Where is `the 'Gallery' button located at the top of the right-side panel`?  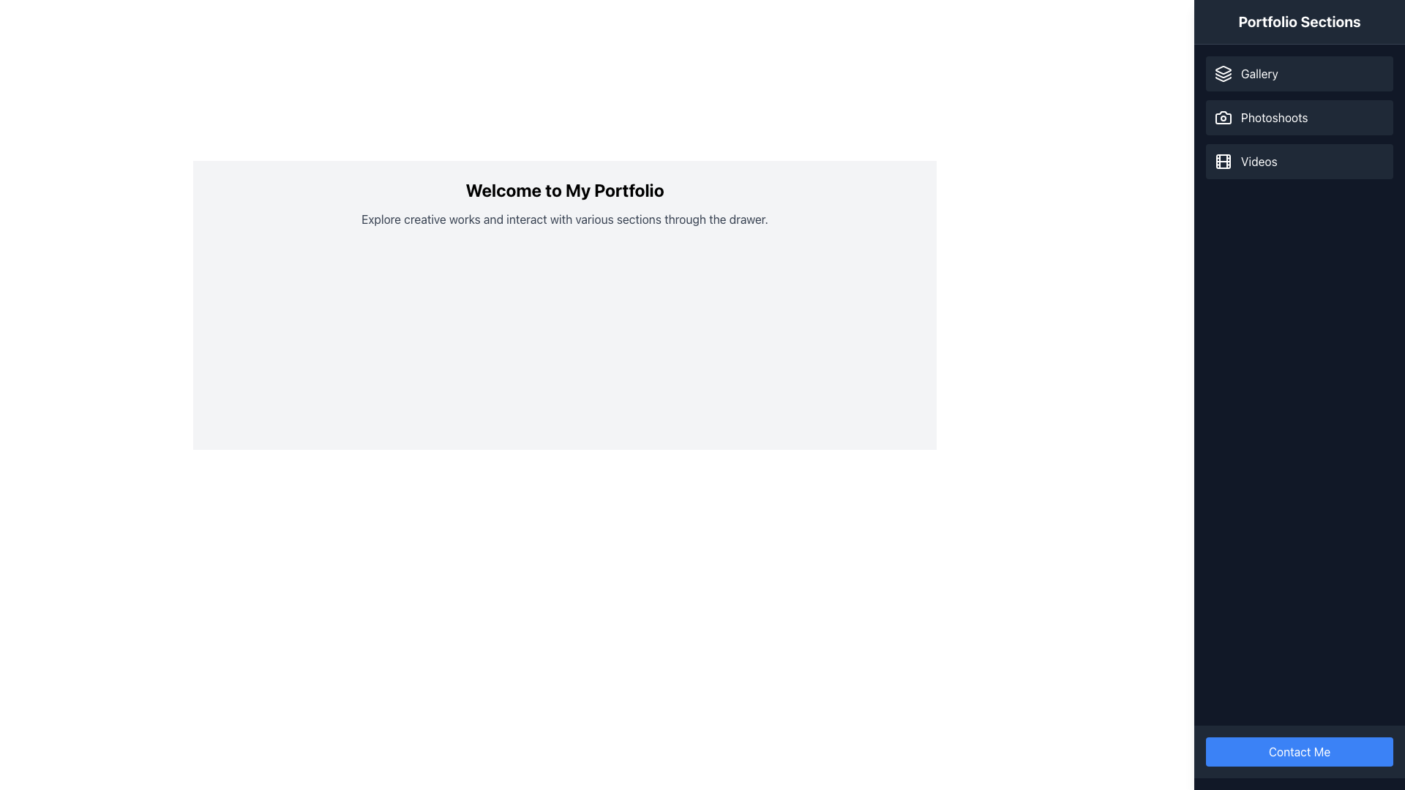 the 'Gallery' button located at the top of the right-side panel is located at coordinates (1300, 73).